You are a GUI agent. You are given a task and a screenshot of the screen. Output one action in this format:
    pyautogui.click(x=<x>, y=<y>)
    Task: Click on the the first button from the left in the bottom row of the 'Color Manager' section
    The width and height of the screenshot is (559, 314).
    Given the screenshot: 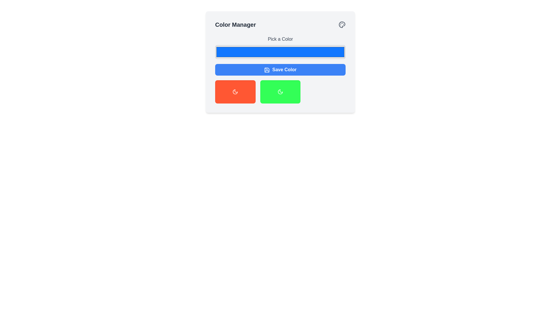 What is the action you would take?
    pyautogui.click(x=235, y=92)
    